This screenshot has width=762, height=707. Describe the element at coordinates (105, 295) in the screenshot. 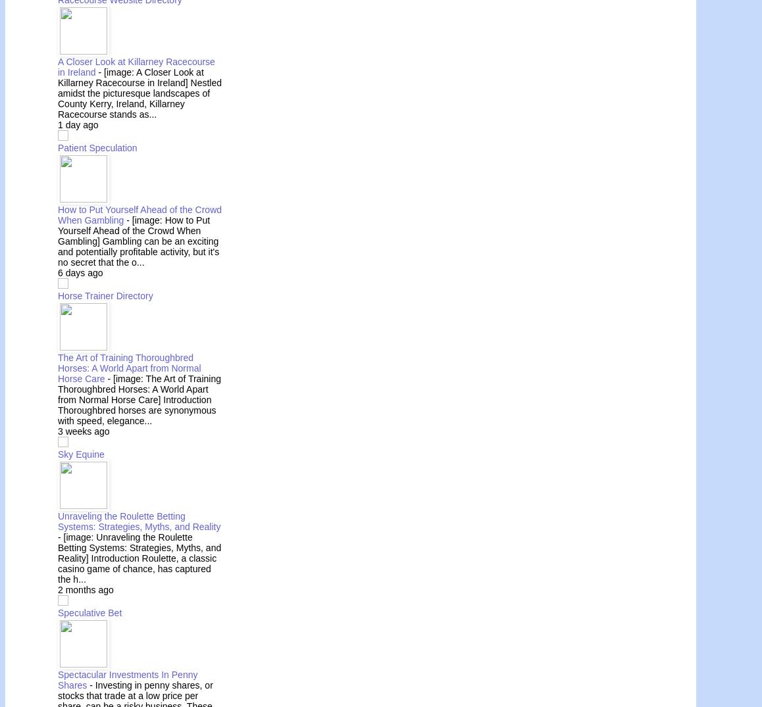

I see `'Horse Trainer Directory'` at that location.